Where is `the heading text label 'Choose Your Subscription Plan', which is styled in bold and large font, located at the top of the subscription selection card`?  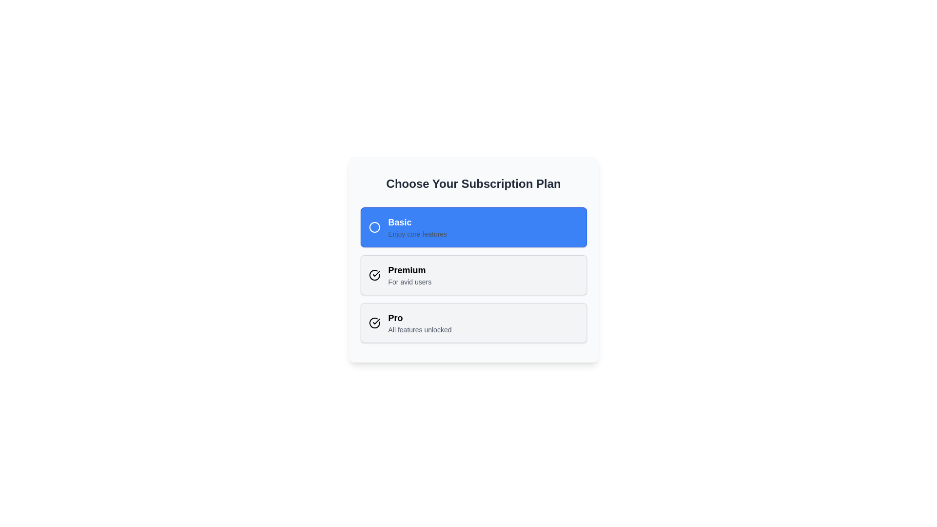
the heading text label 'Choose Your Subscription Plan', which is styled in bold and large font, located at the top of the subscription selection card is located at coordinates (473, 184).